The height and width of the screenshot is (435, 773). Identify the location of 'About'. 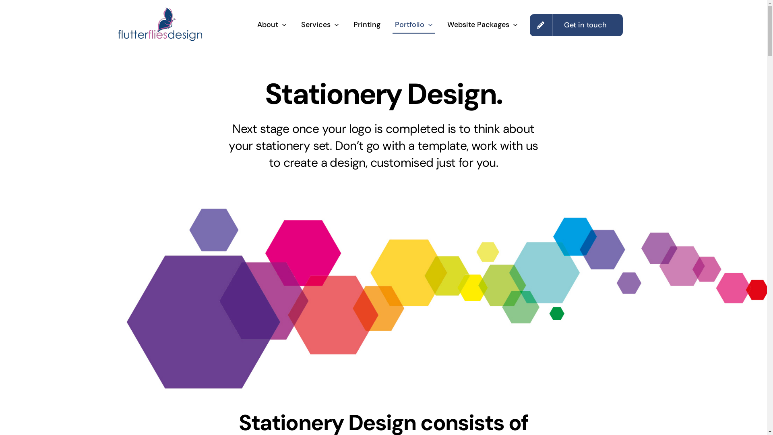
(272, 25).